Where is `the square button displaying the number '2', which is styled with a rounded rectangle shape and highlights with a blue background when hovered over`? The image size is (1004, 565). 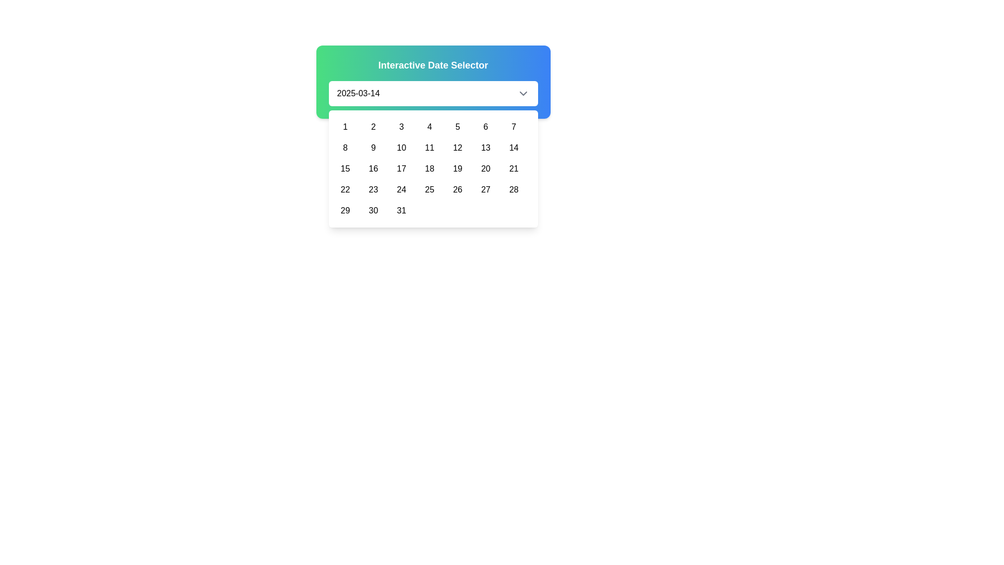
the square button displaying the number '2', which is styled with a rounded rectangle shape and highlights with a blue background when hovered over is located at coordinates (373, 127).